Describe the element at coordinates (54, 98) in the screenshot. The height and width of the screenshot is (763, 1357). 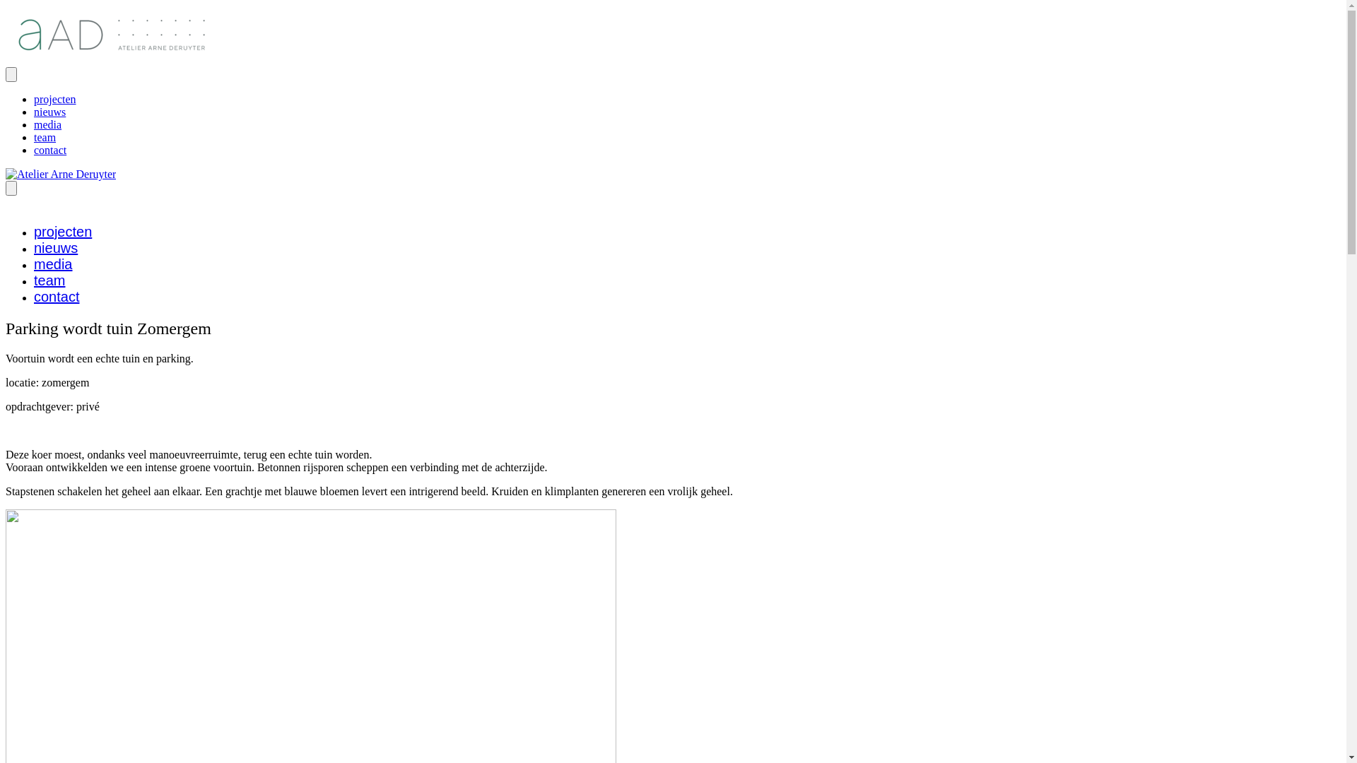
I see `'projecten'` at that location.